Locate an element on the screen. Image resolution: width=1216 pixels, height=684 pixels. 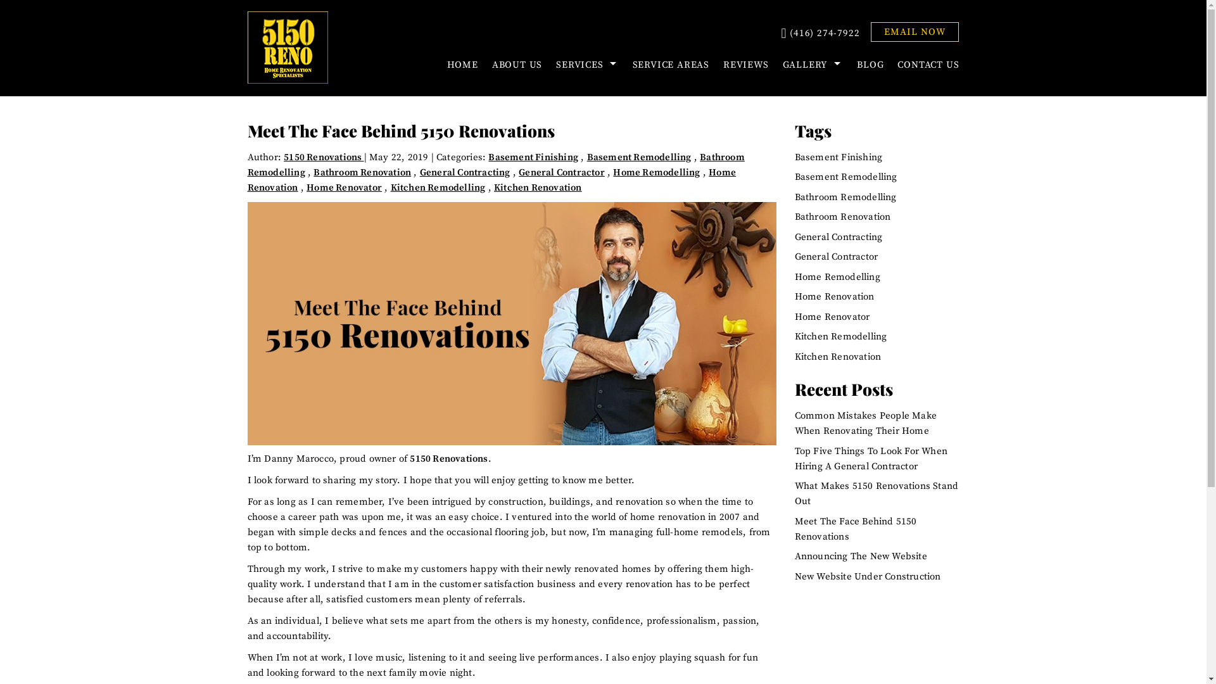
'HOME' is located at coordinates (462, 65).